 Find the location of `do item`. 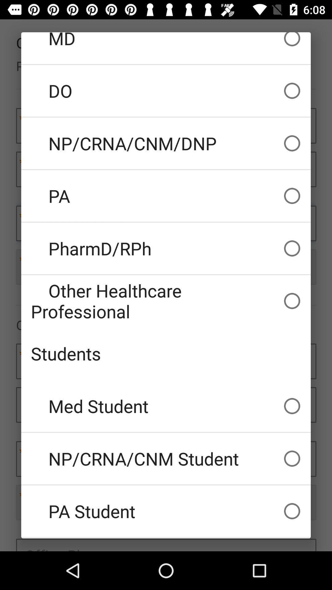

do item is located at coordinates (166, 90).